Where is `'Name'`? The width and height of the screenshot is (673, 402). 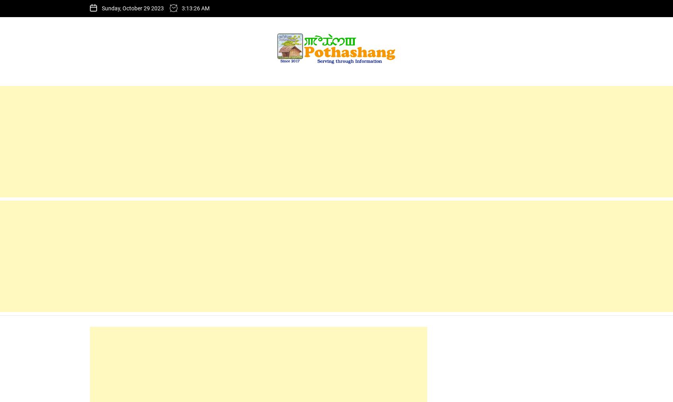 'Name' is located at coordinates (123, 152).